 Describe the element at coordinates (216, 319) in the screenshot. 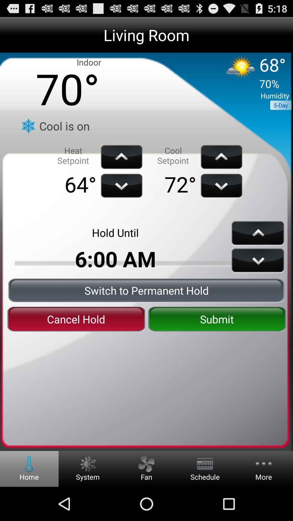

I see `the icon below switch to permanent` at that location.